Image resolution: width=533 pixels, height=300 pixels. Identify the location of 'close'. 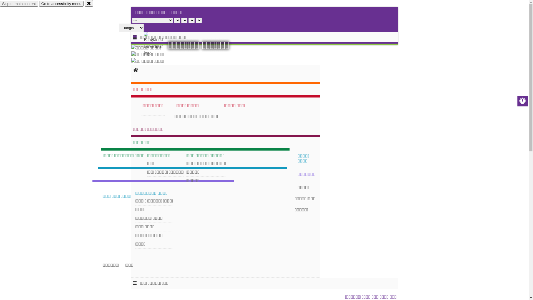
(84, 3).